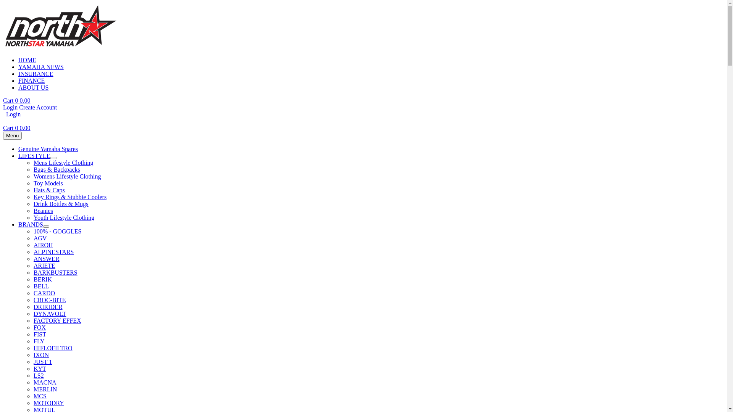 The height and width of the screenshot is (412, 733). What do you see at coordinates (34, 155) in the screenshot?
I see `'LIFESTYLE'` at bounding box center [34, 155].